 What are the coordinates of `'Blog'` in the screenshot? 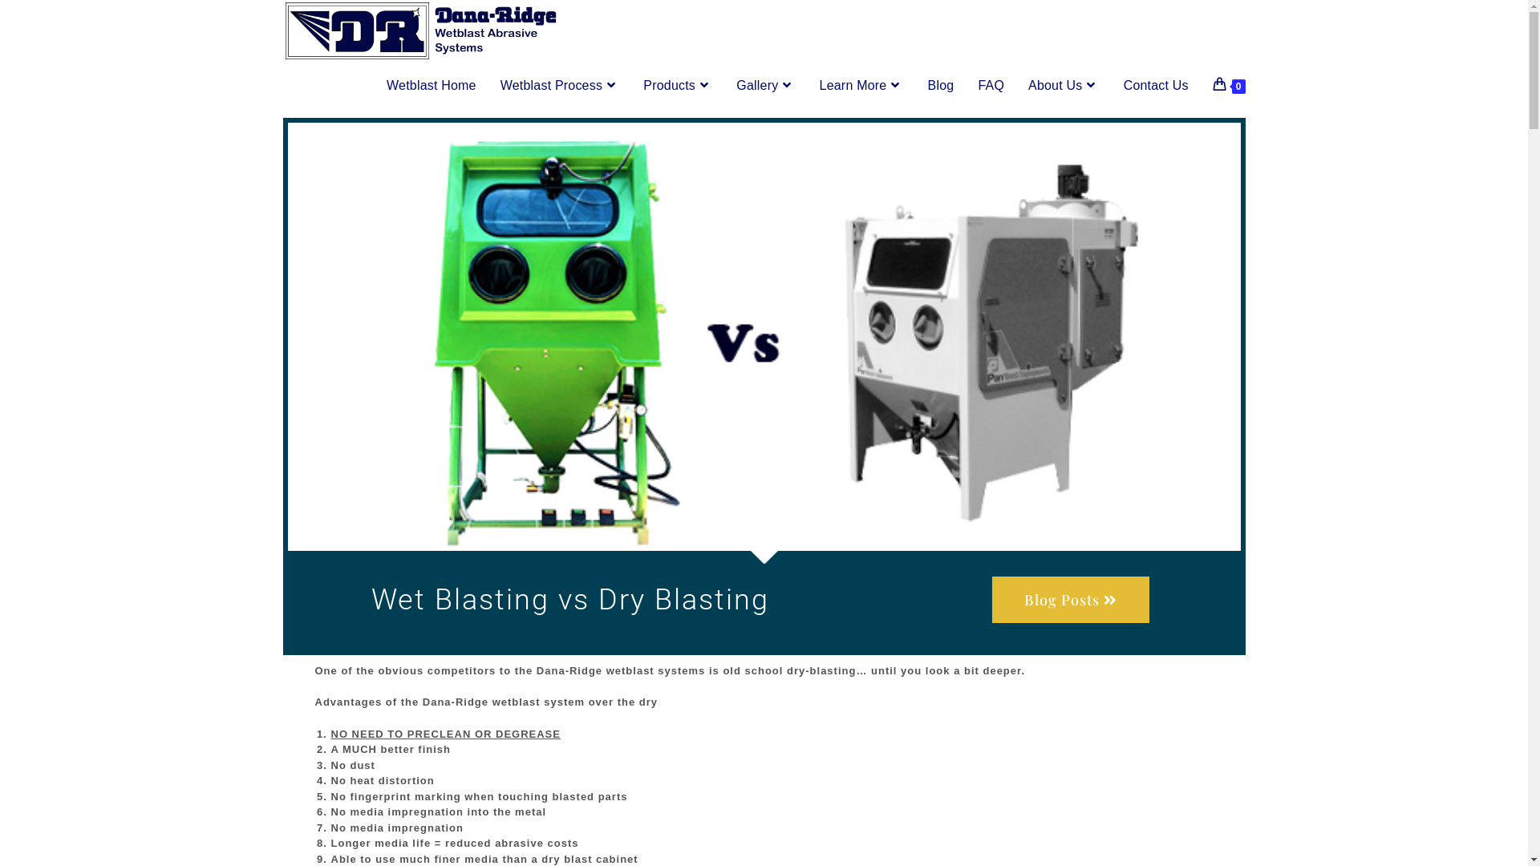 It's located at (916, 86).